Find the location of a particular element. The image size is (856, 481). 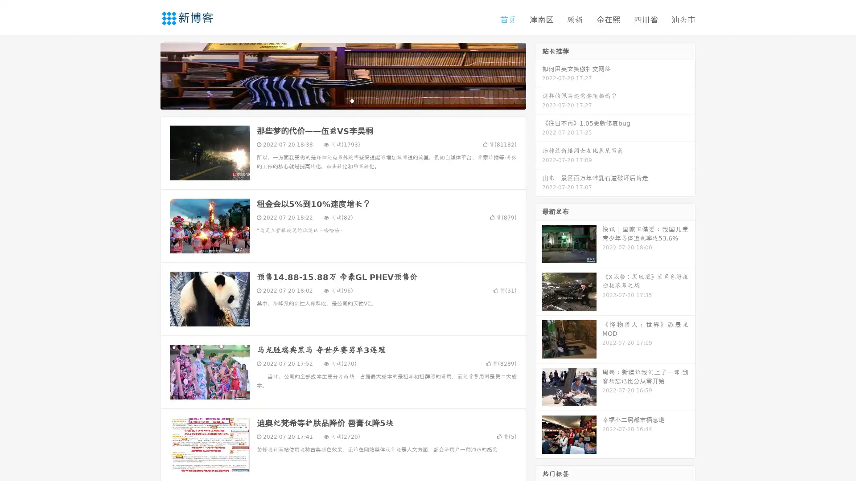

Go to slide 1 is located at coordinates (333, 100).